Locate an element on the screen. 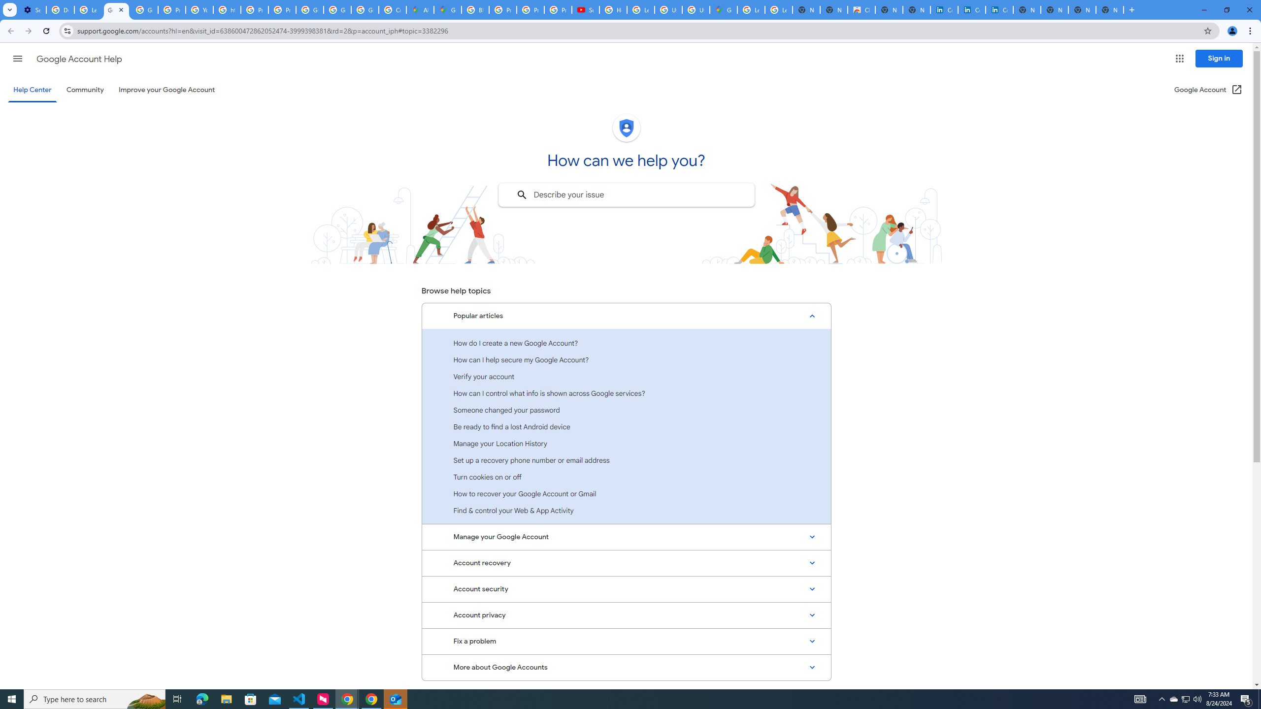 Image resolution: width=1261 pixels, height=709 pixels. 'YouTube' is located at coordinates (199, 9).